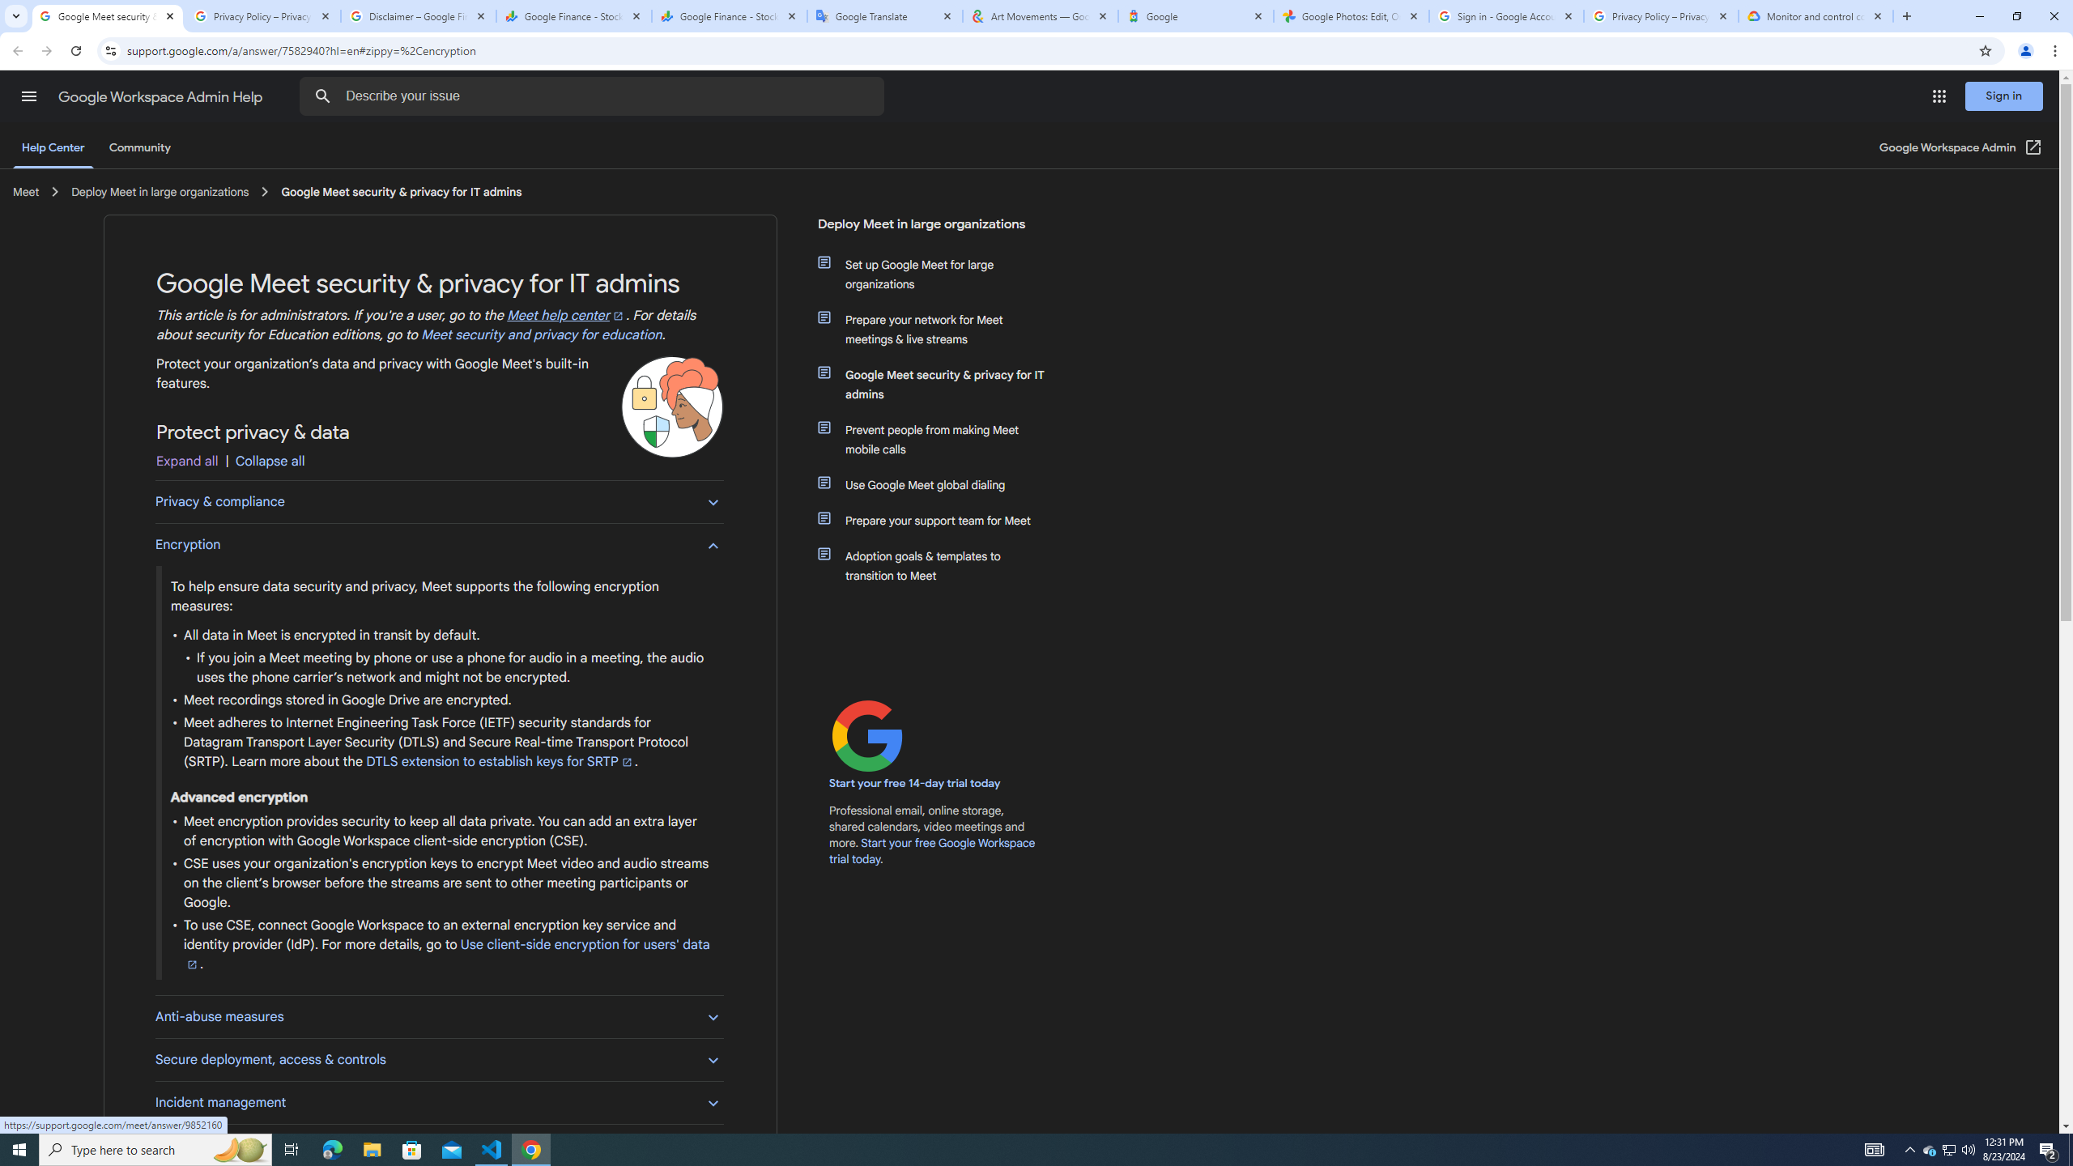  What do you see at coordinates (567, 316) in the screenshot?
I see `'Meet help center'` at bounding box center [567, 316].